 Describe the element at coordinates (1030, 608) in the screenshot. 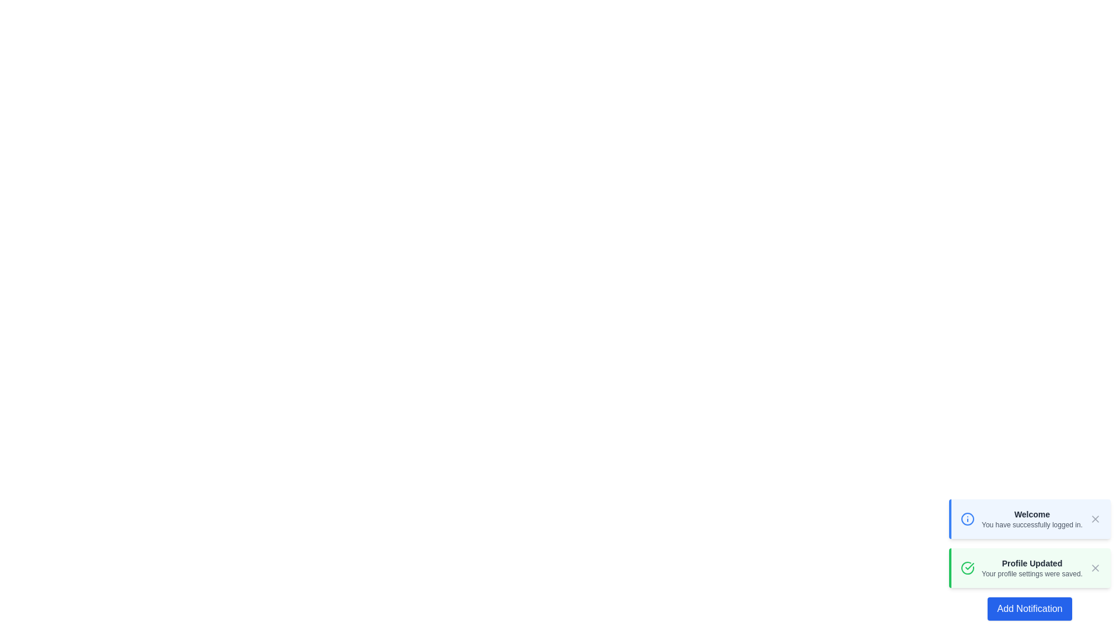

I see `the 'Add Notification' button to add a new notification` at that location.